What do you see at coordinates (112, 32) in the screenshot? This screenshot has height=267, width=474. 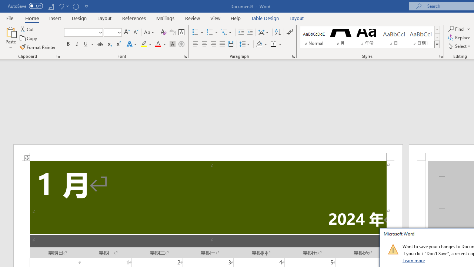 I see `'Font Size'` at bounding box center [112, 32].